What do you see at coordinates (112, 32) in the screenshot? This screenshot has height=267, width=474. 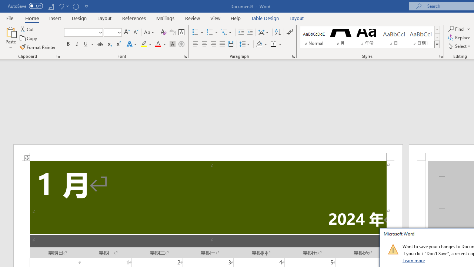 I see `'Font Size'` at bounding box center [112, 32].